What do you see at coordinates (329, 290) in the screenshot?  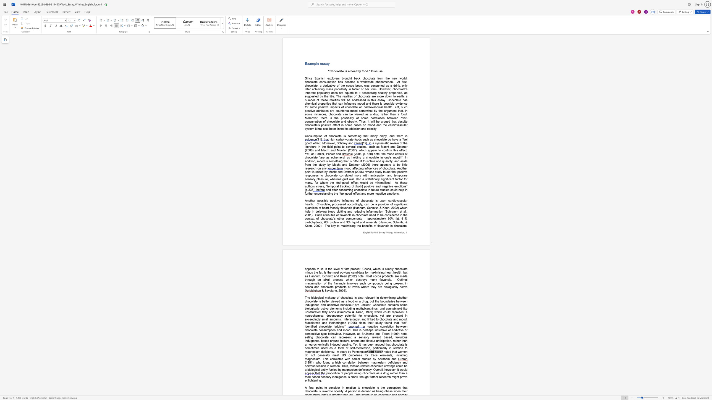 I see `the space between the continuous character "v" and "a" in the text` at bounding box center [329, 290].